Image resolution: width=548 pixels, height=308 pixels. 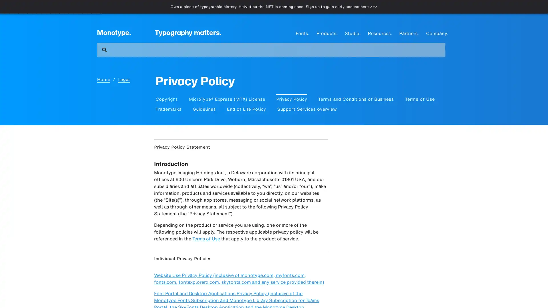 What do you see at coordinates (440, 295) in the screenshot?
I see `Accept Cookies` at bounding box center [440, 295].